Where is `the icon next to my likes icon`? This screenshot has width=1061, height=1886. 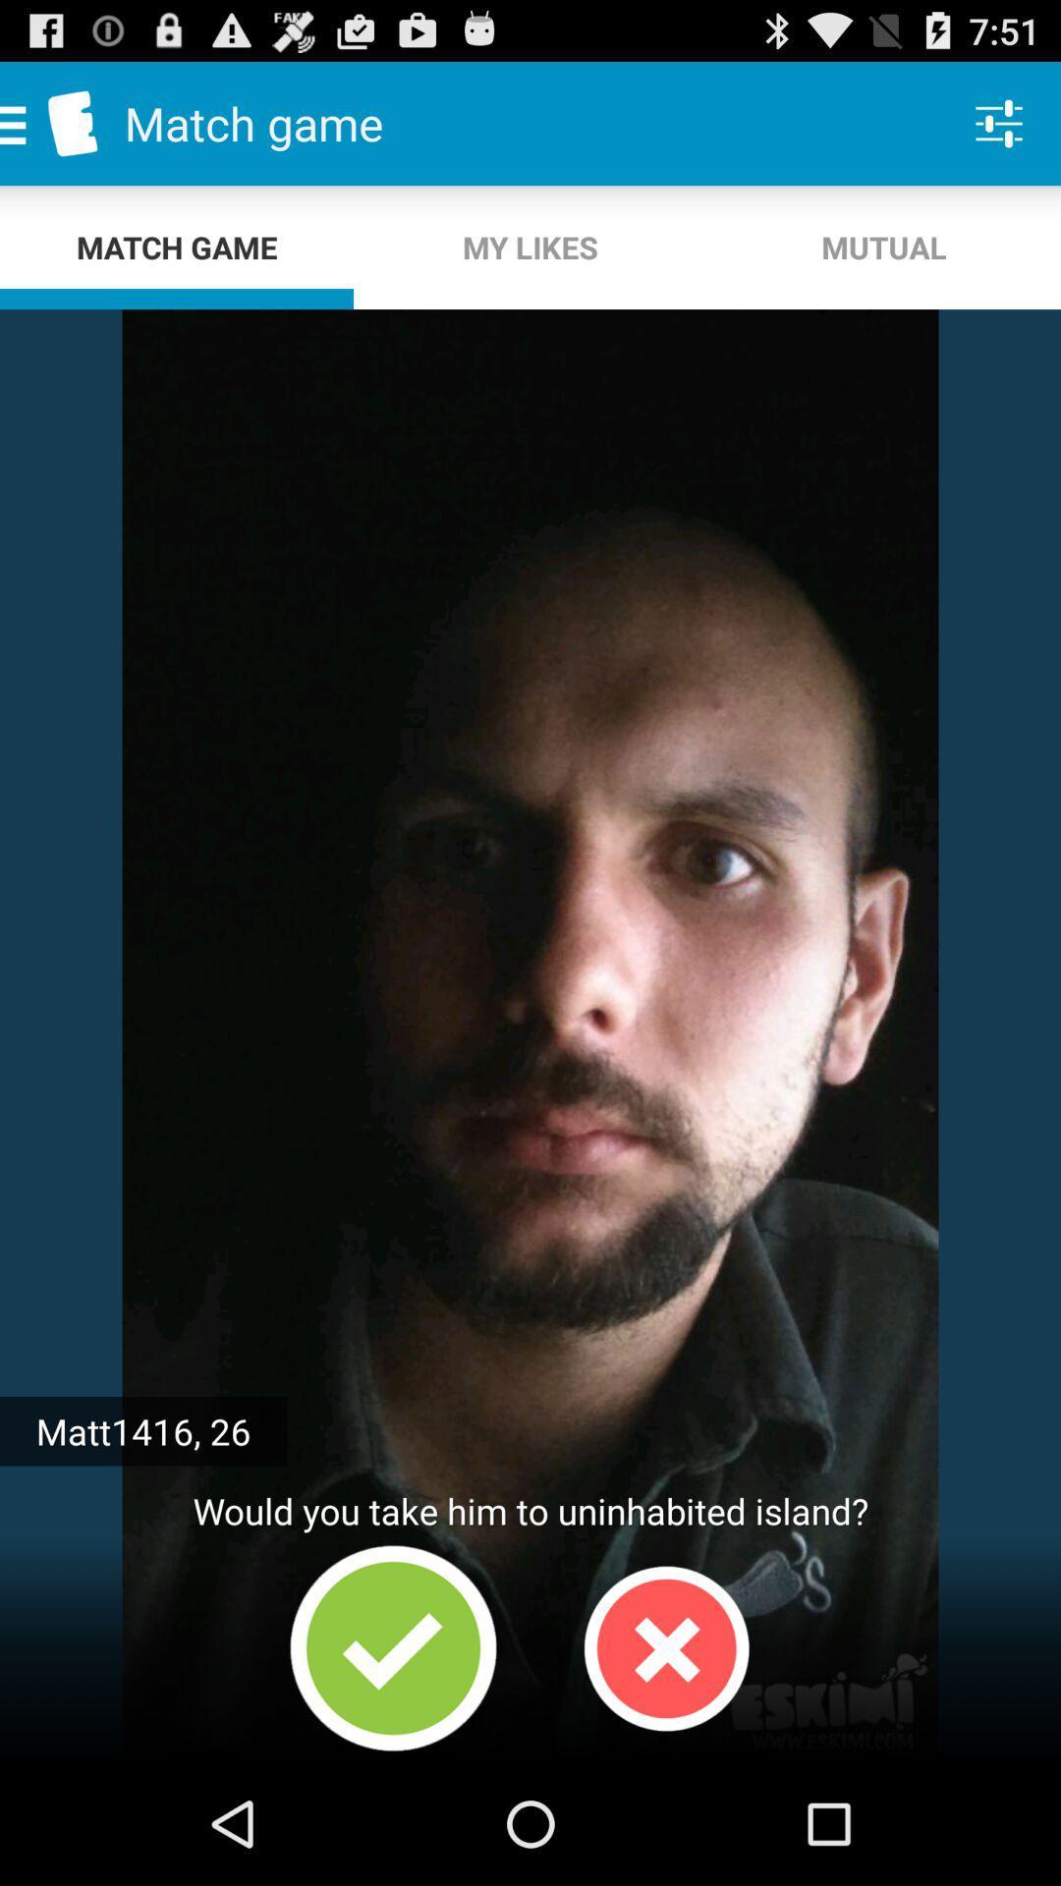
the icon next to my likes icon is located at coordinates (882, 247).